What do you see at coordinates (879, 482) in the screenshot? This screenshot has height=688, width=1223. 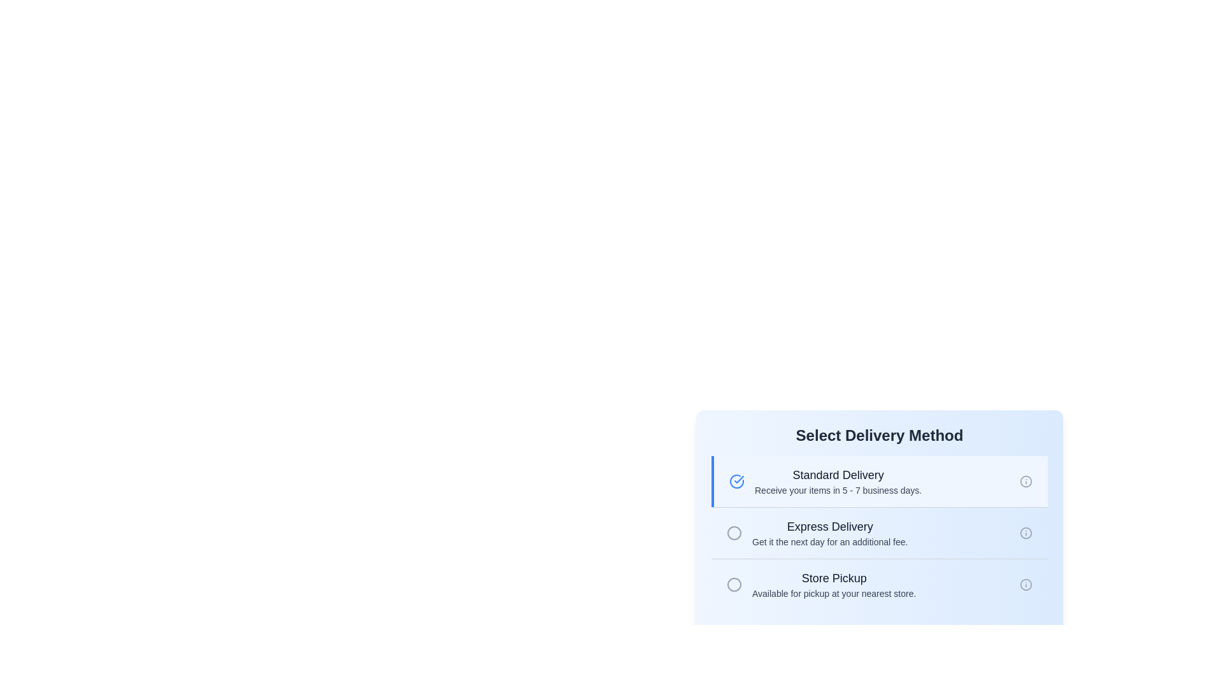 I see `the 'Standard Delivery' option in the selectable list` at bounding box center [879, 482].